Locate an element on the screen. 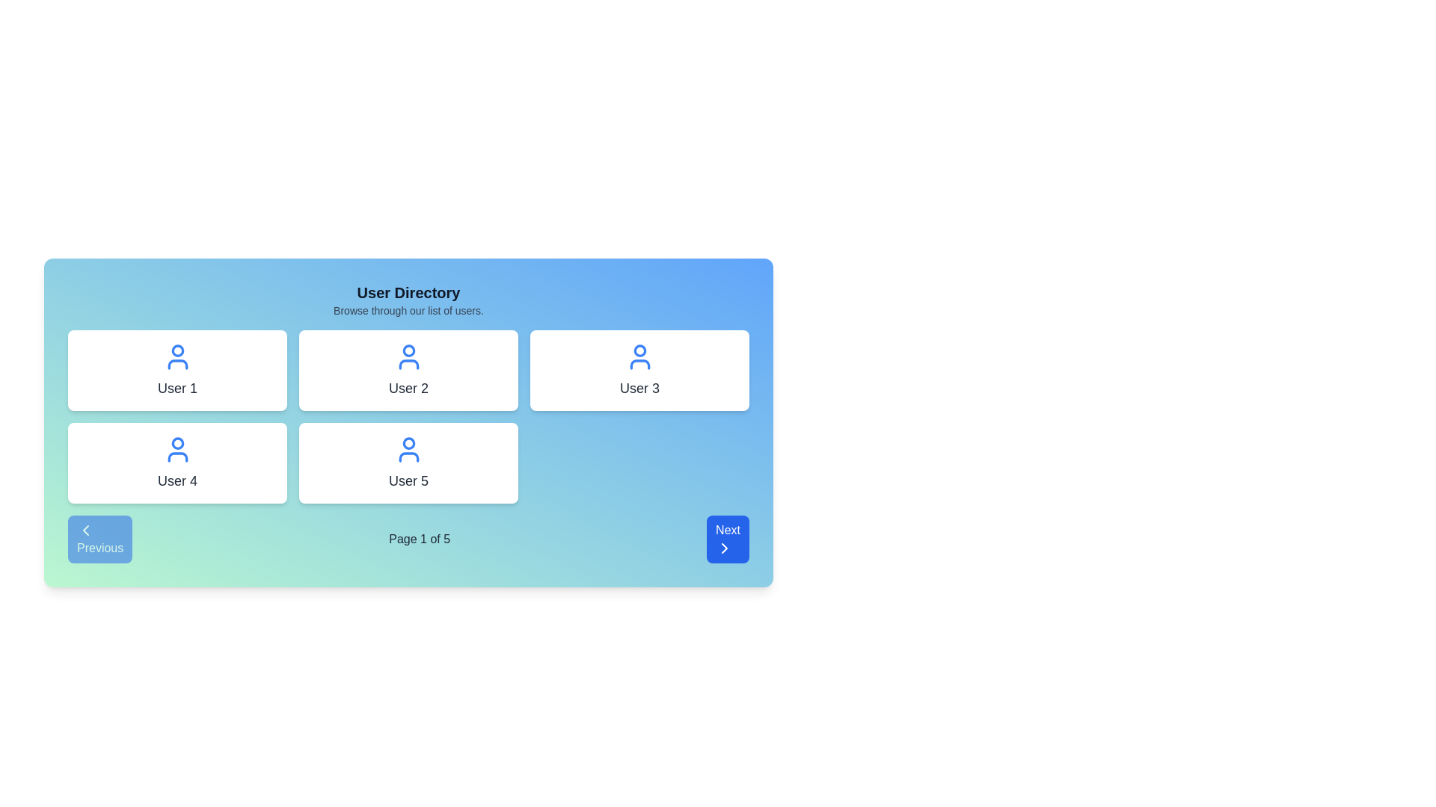 This screenshot has height=807, width=1436. the lower portion of the user icon representing 'User 4', specifically the curved line that forms the base of the icon is located at coordinates (177, 457).